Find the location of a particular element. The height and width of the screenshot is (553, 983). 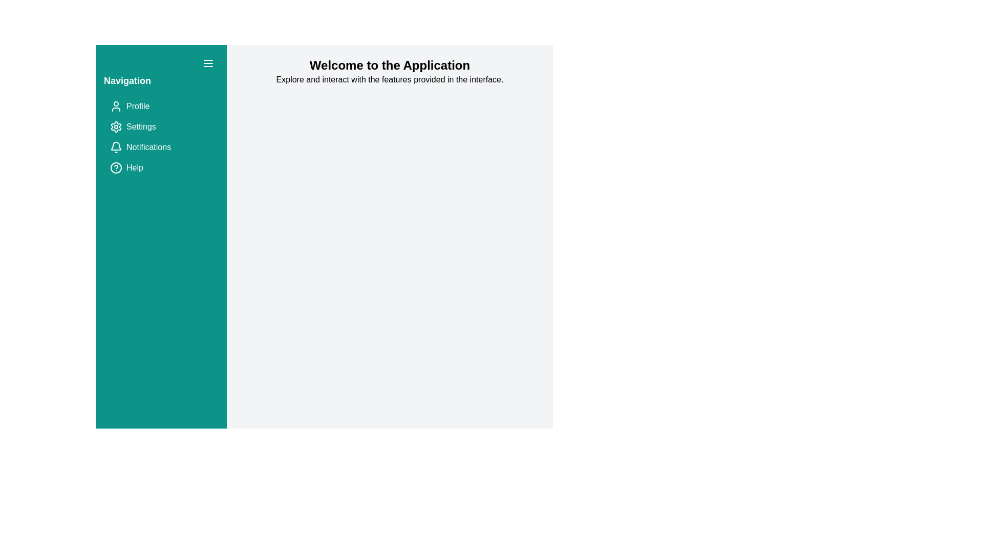

the menu item labeled Notifications is located at coordinates (161, 147).